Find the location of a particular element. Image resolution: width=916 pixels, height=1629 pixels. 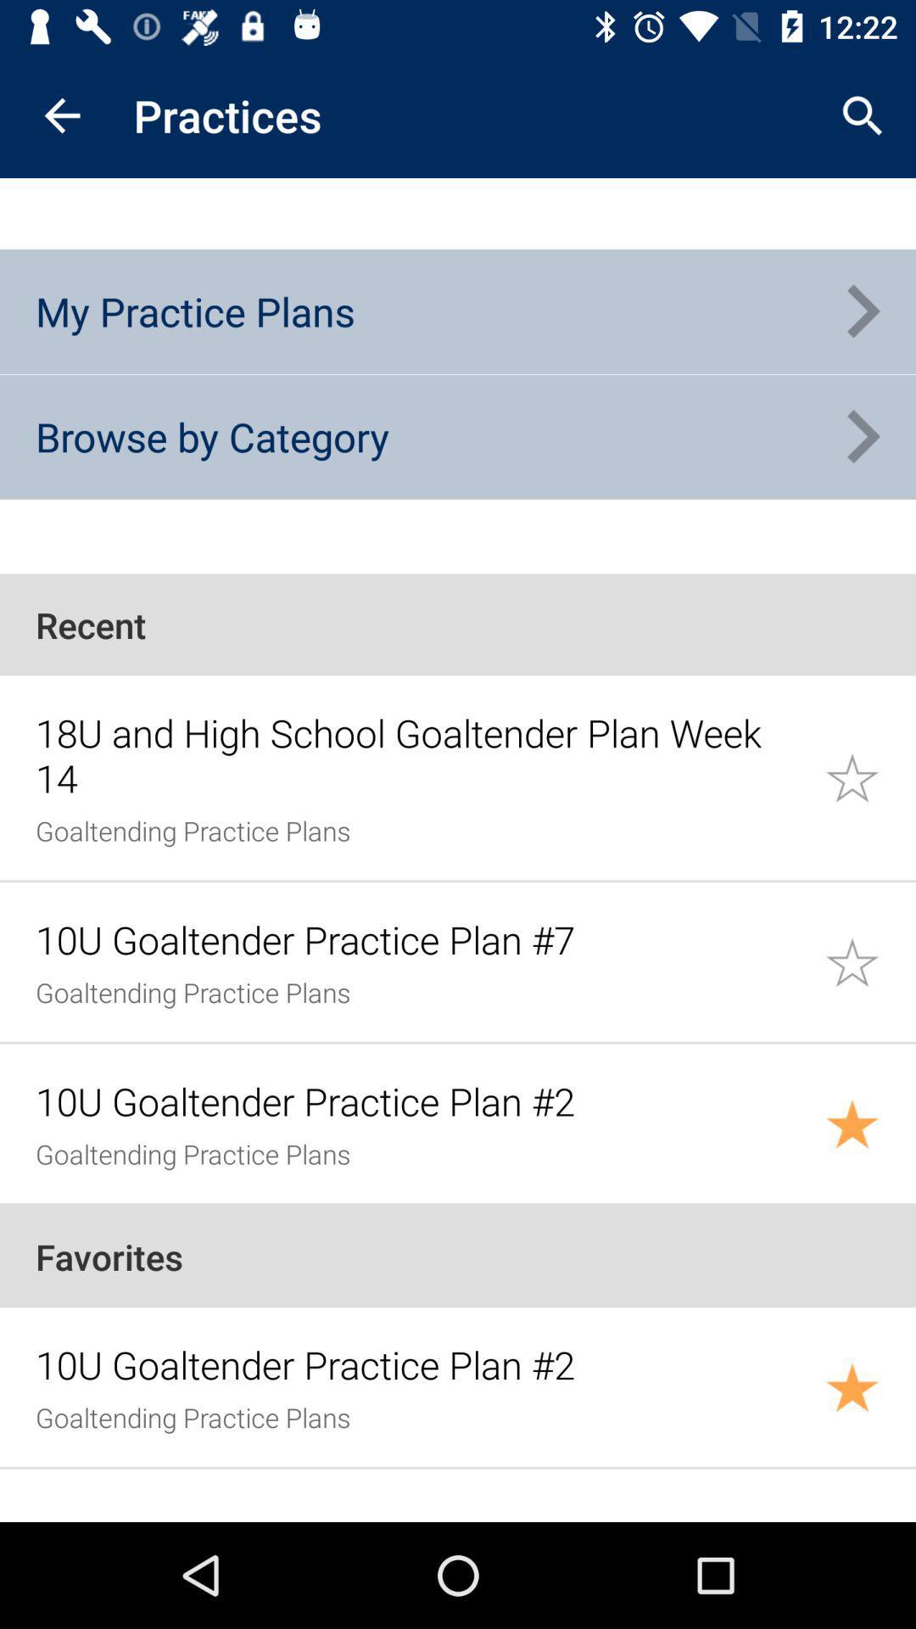

make plan a favorite is located at coordinates (870, 1387).